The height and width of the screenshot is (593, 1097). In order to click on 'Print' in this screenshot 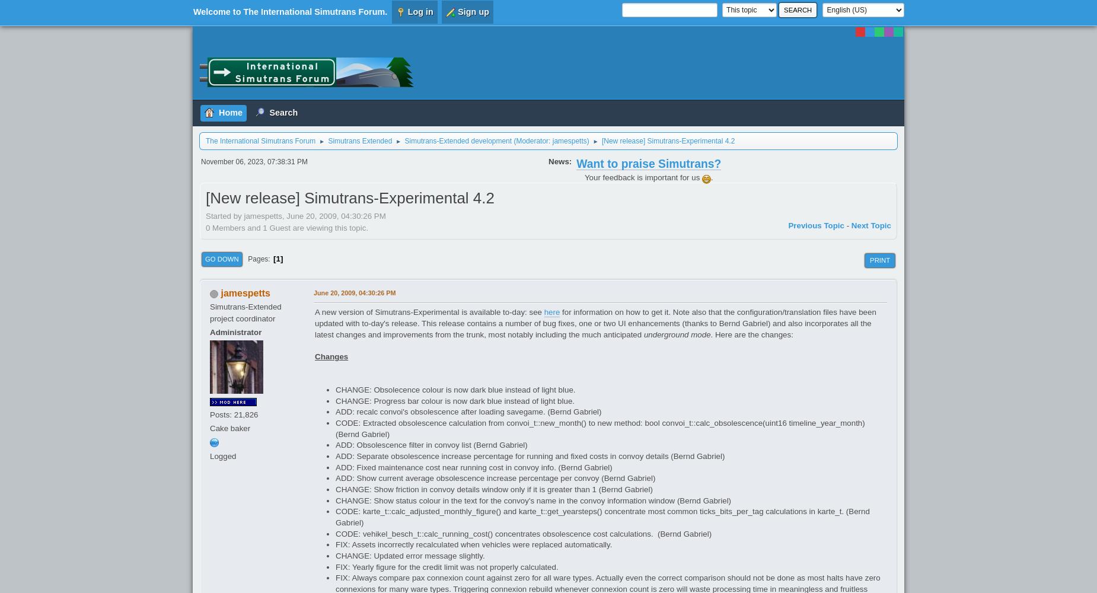, I will do `click(880, 260)`.